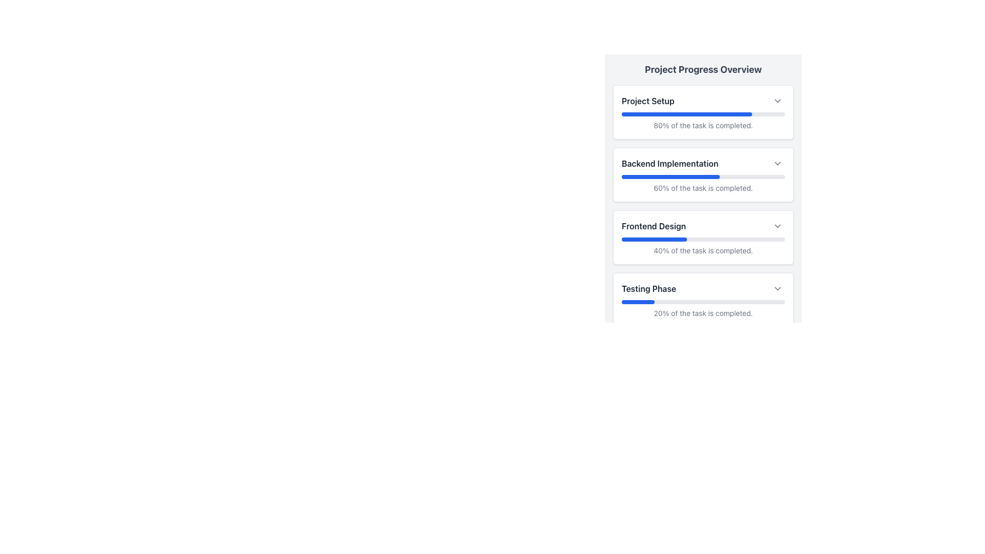 This screenshot has width=985, height=554. Describe the element at coordinates (703, 114) in the screenshot. I see `the Progress Bar indicating '80% of the task is completed' in the 'Project Setup' section of the 'Project Progress Overview'` at that location.